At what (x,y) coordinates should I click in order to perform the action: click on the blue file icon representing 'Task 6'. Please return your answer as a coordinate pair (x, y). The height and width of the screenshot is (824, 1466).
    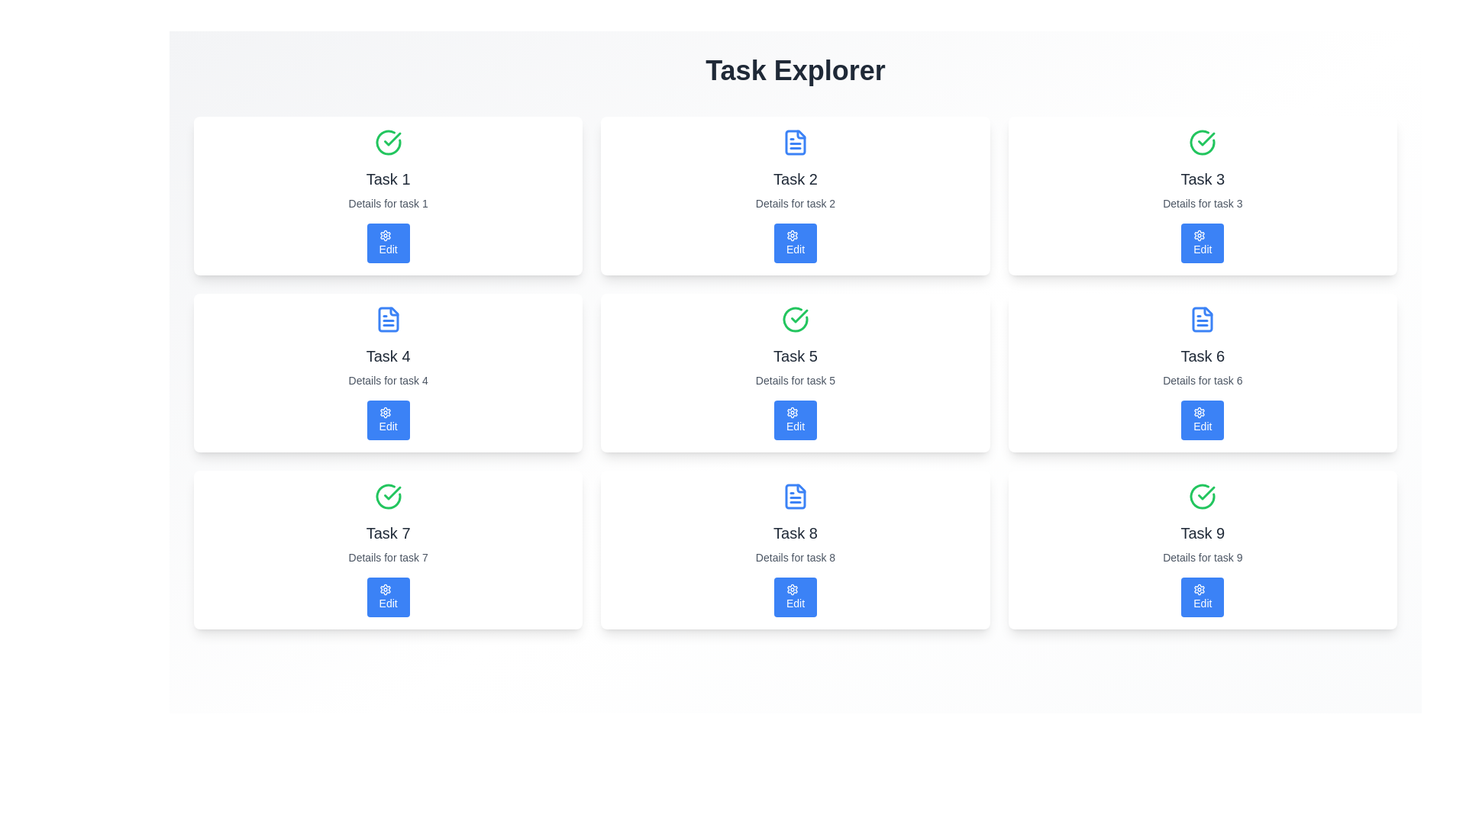
    Looking at the image, I should click on (1202, 319).